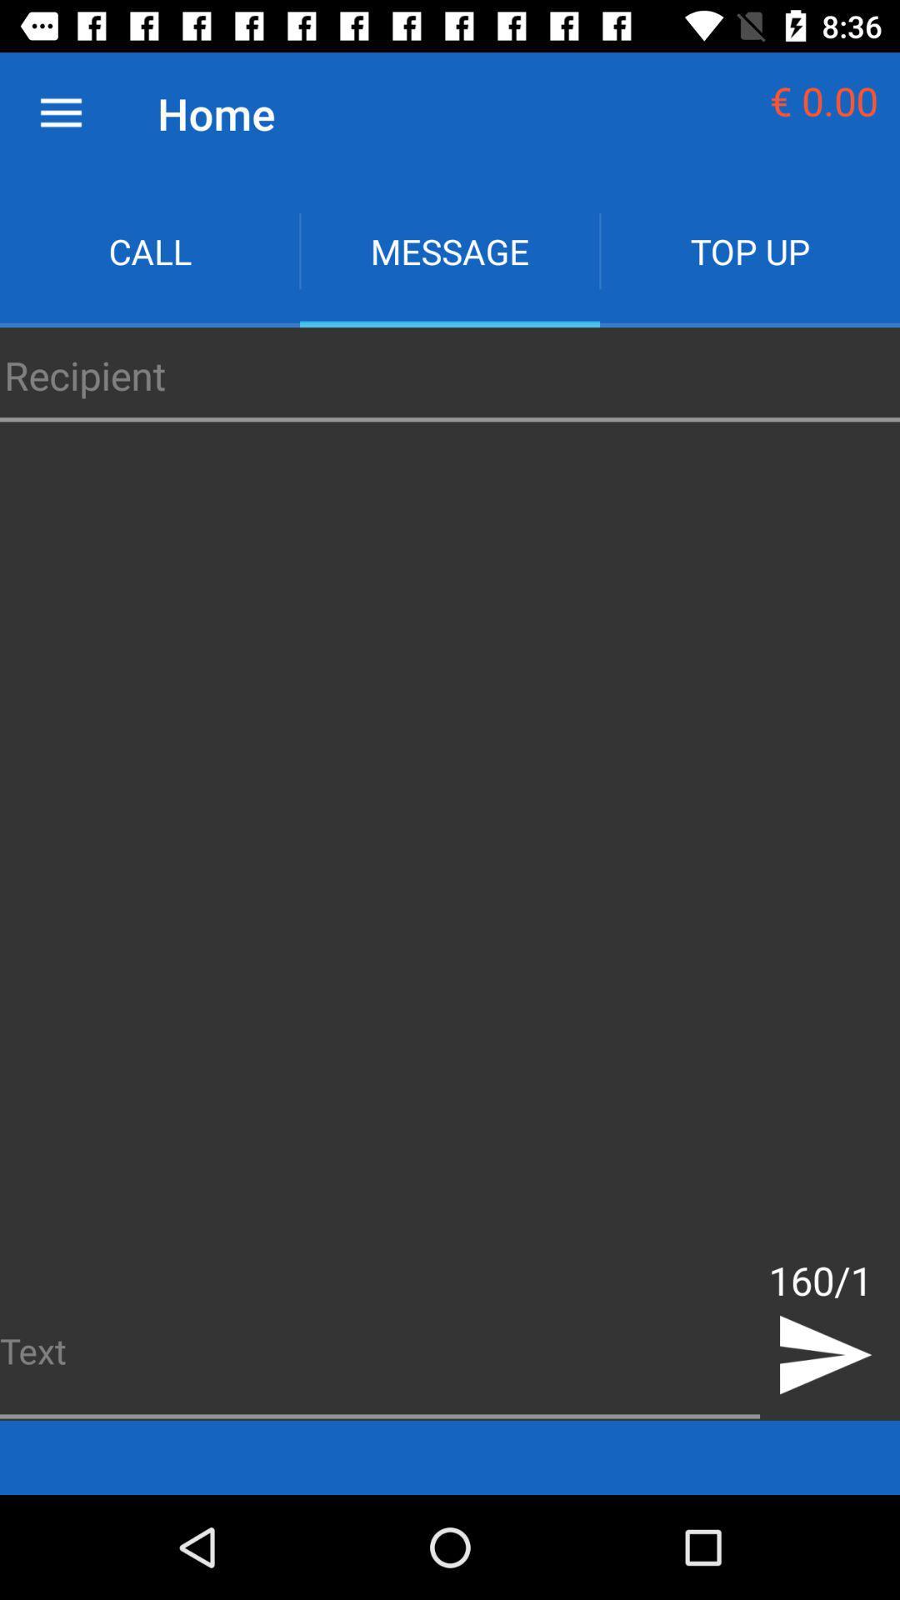 The height and width of the screenshot is (1600, 900). I want to click on top up, so click(748, 250).